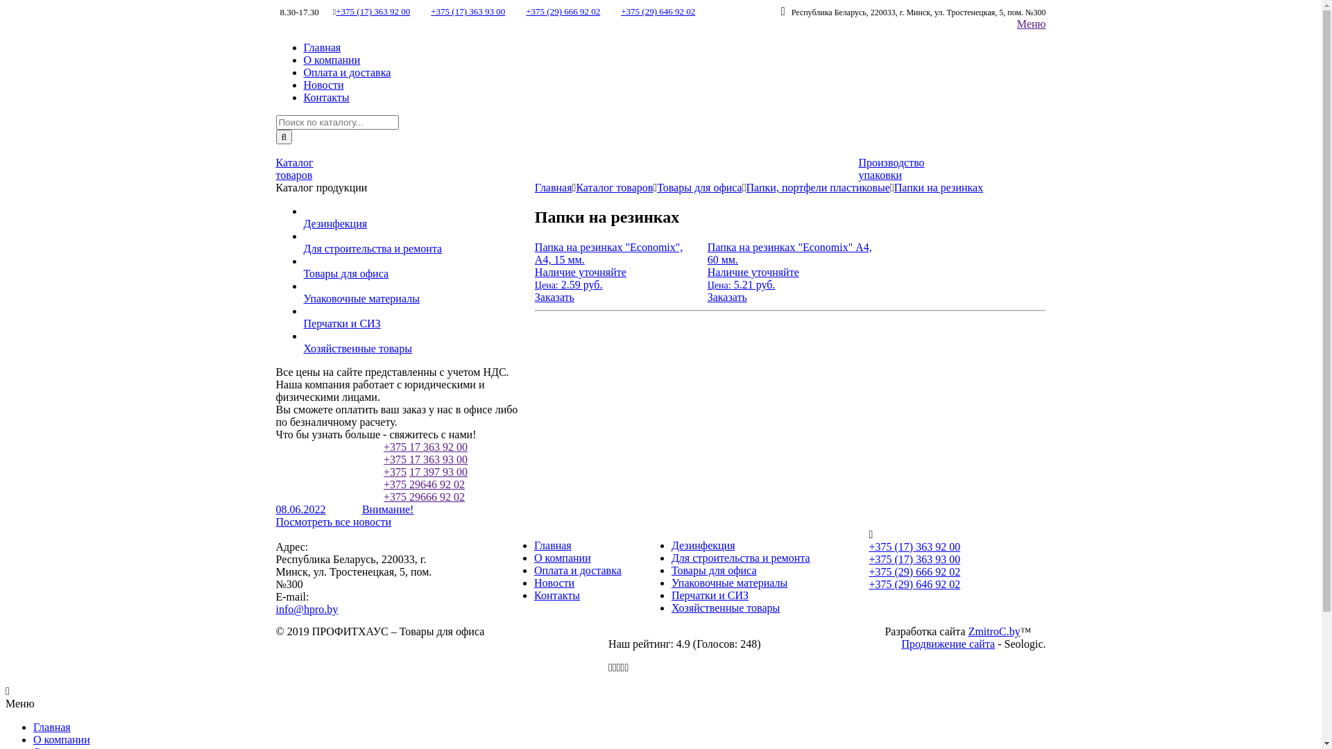  I want to click on 'Search', so click(276, 137).